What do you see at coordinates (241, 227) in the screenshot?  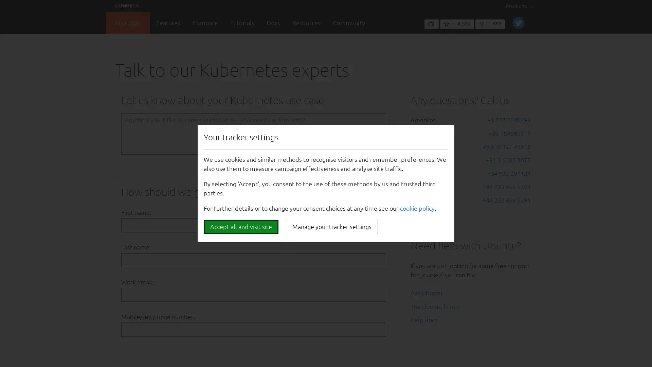 I see `Accept all and visit site` at bounding box center [241, 227].